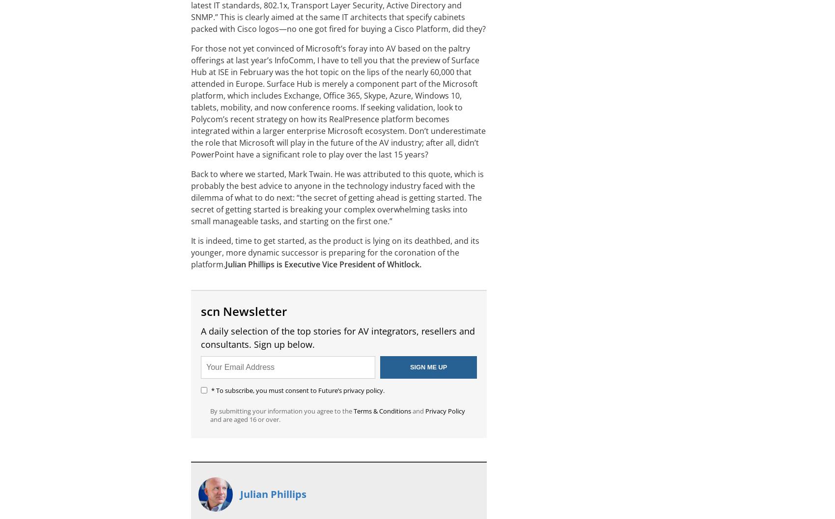 The image size is (835, 519). I want to click on 'A daily selection of the top stories for AV integrators, resellers and consultants. Sign up below.', so click(337, 337).